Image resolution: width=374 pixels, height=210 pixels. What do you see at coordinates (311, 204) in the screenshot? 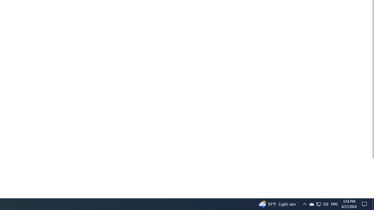
I see `'Q2790: 100%'` at bounding box center [311, 204].